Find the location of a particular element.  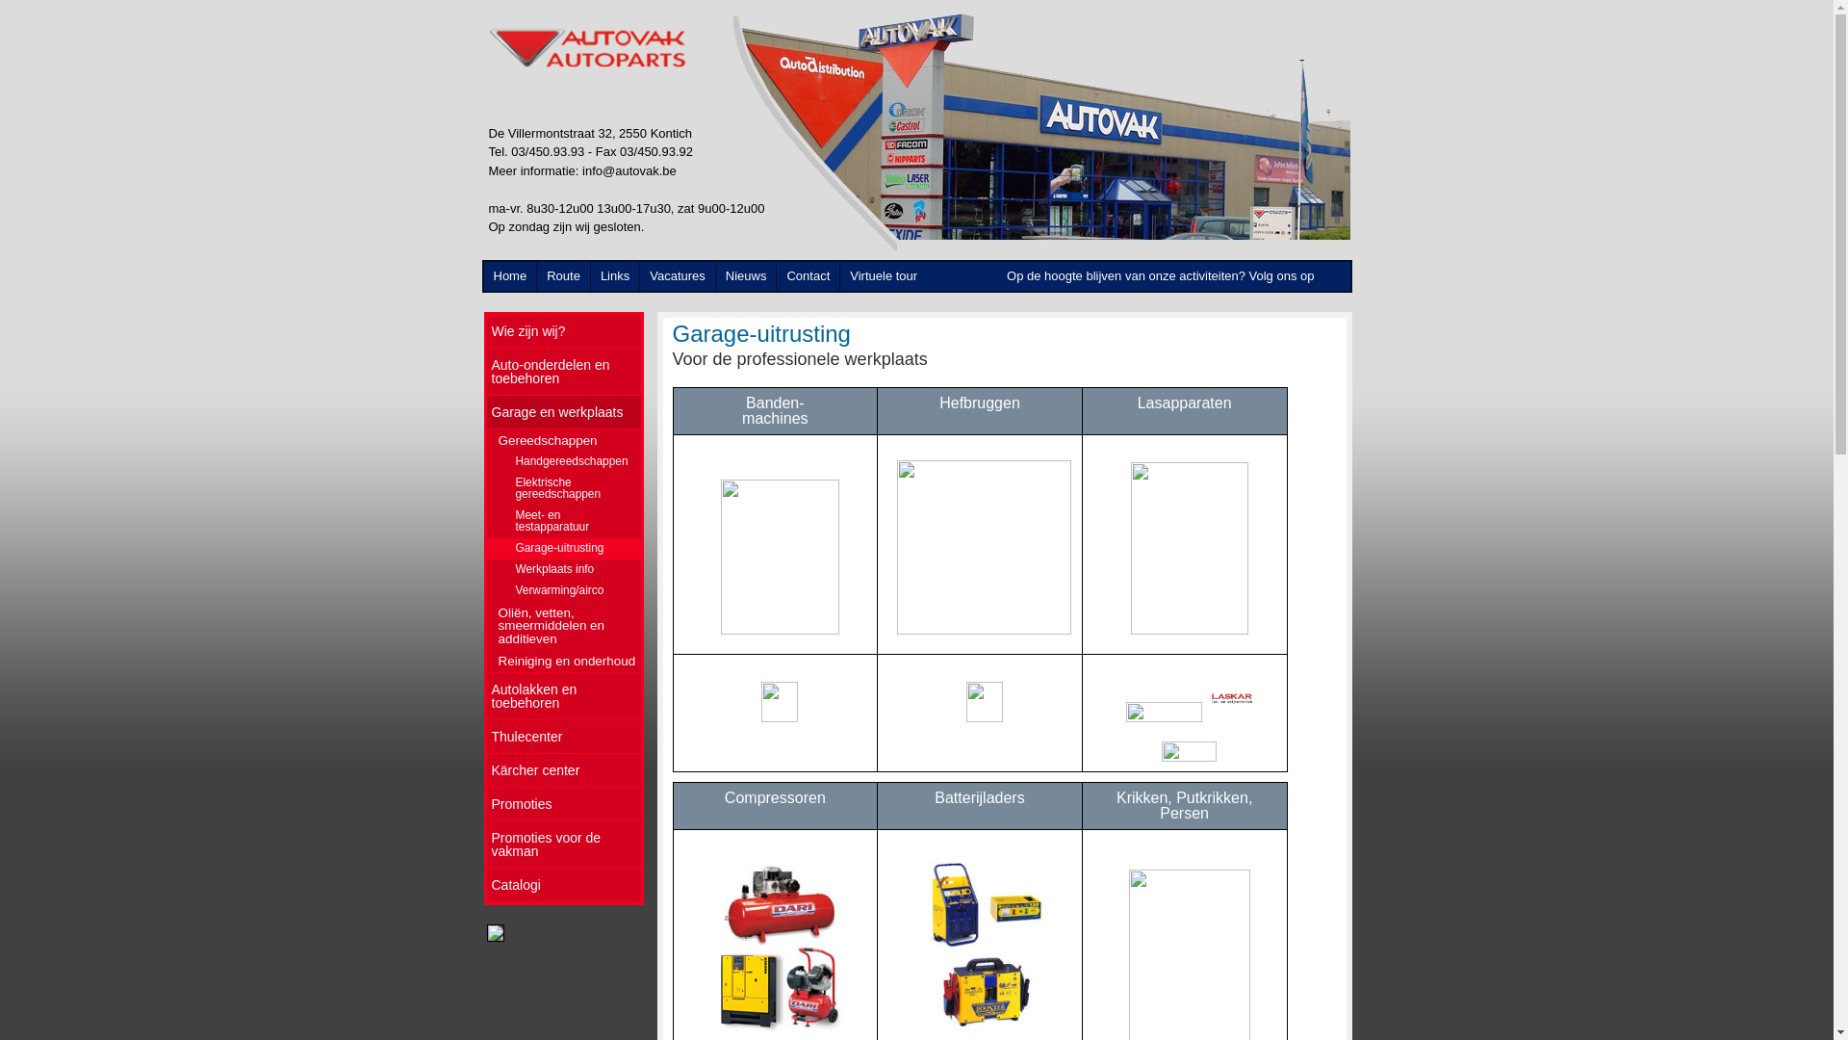

'Autolakken en toebehoren' is located at coordinates (562, 696).